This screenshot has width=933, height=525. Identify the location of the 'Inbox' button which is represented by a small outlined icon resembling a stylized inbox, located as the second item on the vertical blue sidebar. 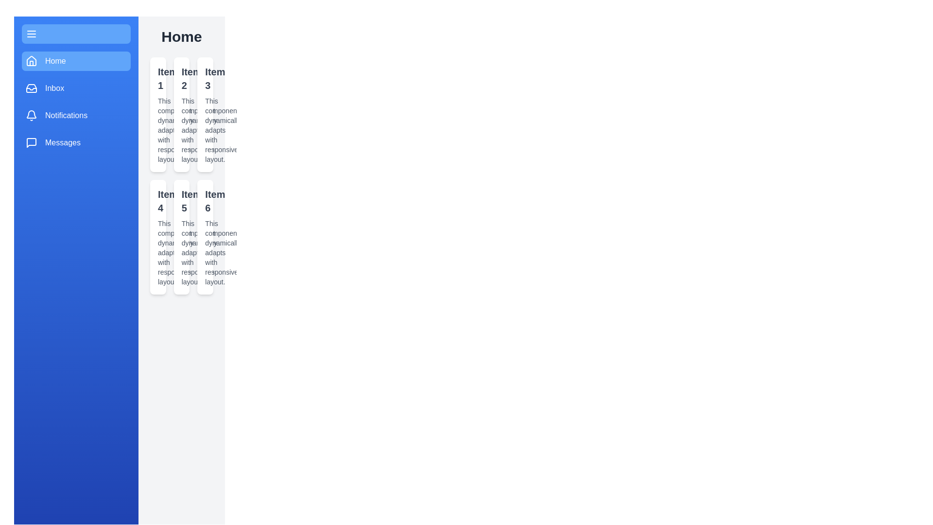
(32, 88).